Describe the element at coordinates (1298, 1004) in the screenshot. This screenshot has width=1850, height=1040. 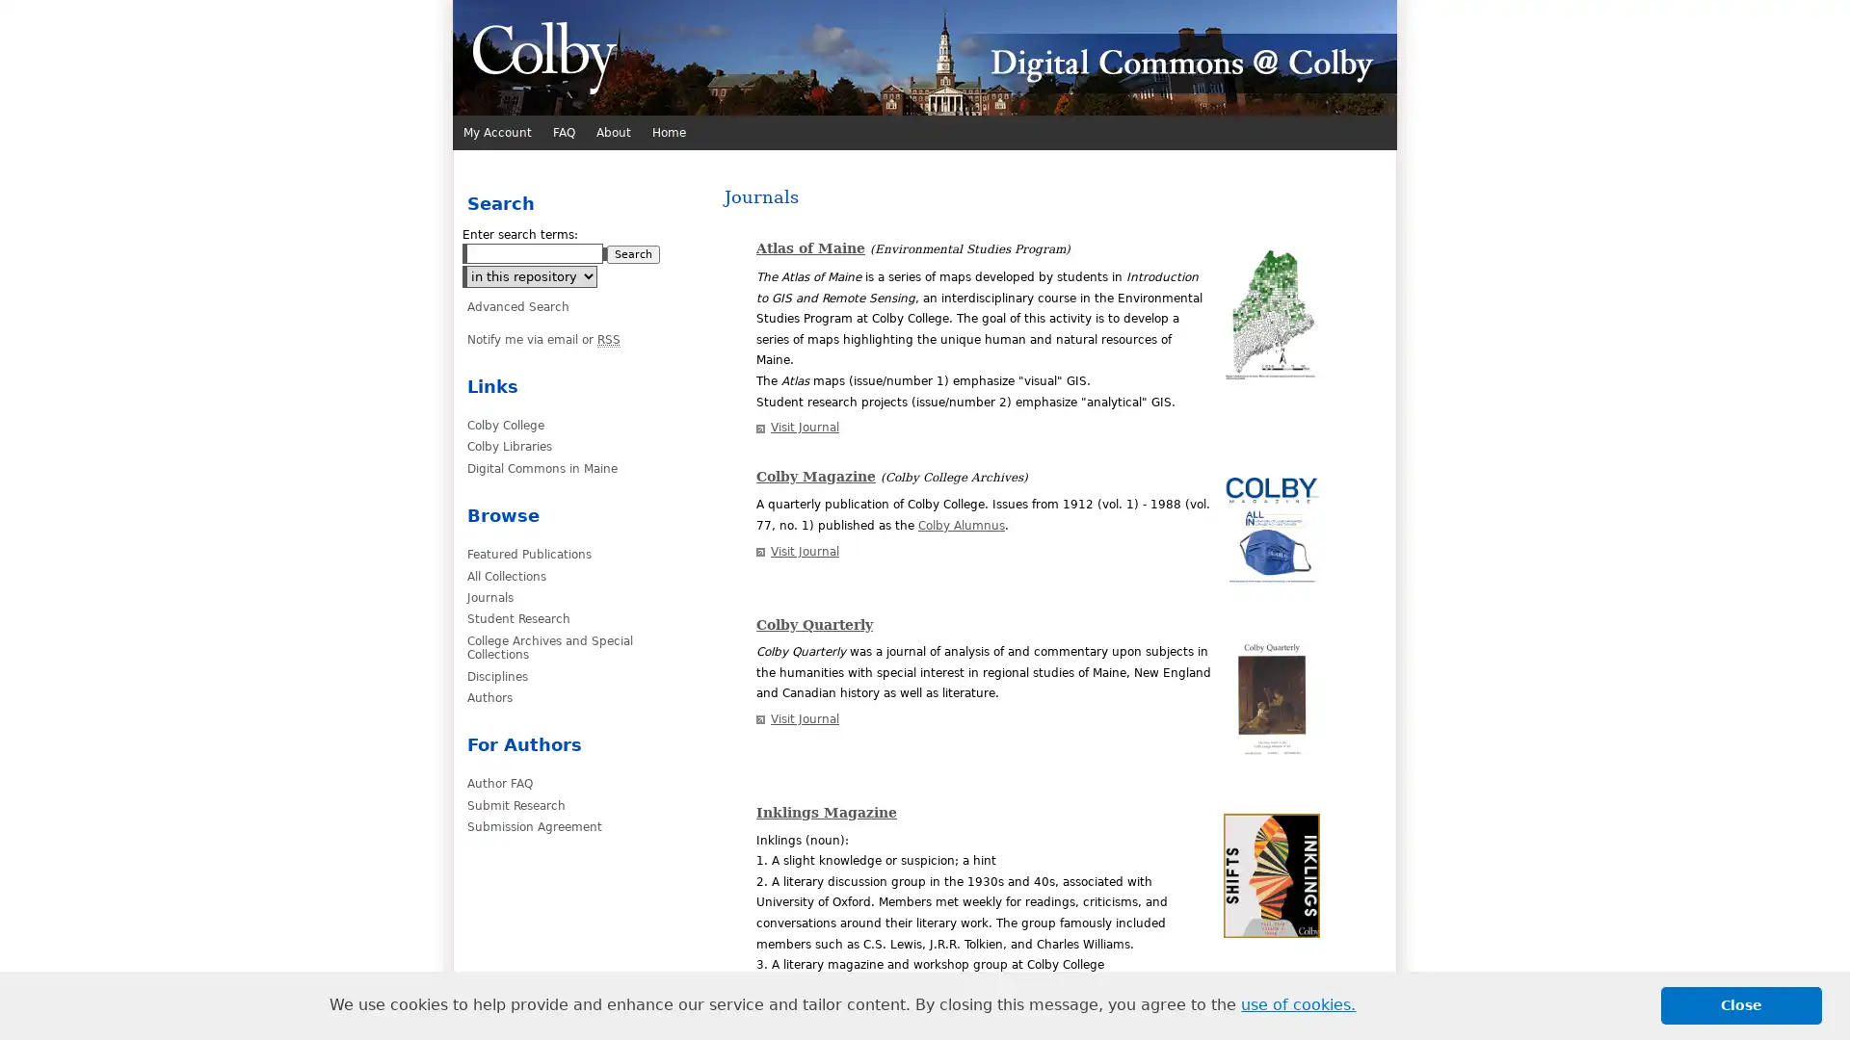
I see `learn more about cookies` at that location.